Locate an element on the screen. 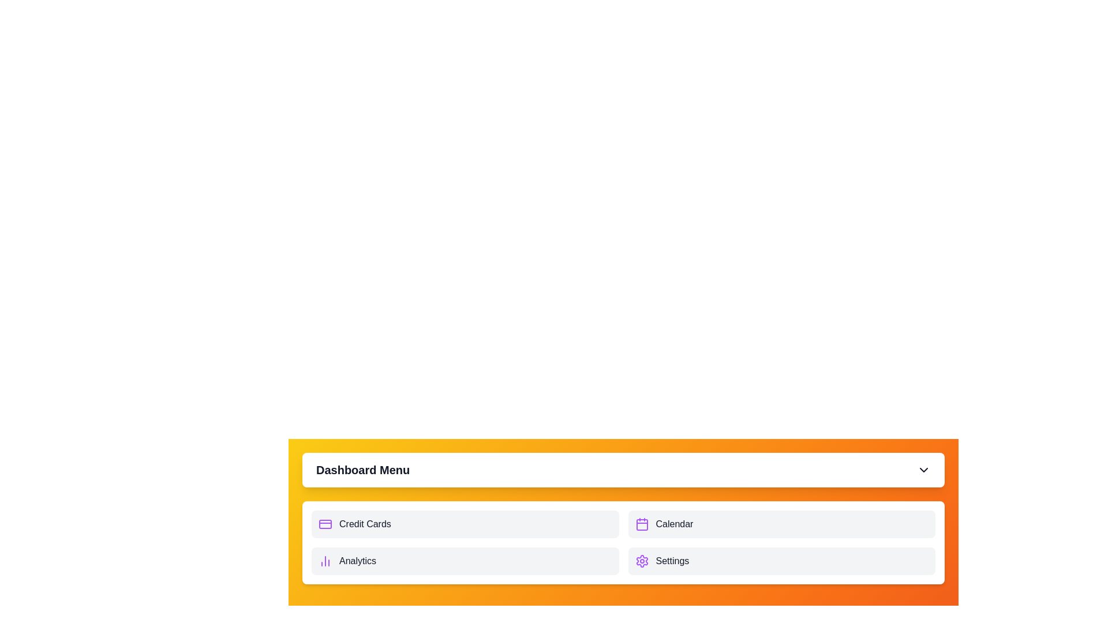  the dropdown arrow in the header section to toggle the menu is located at coordinates (924, 470).